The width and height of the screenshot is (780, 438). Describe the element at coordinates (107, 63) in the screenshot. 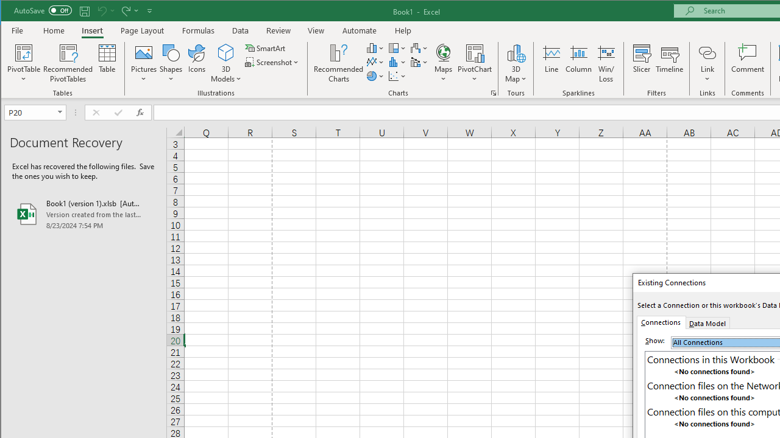

I see `'Table'` at that location.